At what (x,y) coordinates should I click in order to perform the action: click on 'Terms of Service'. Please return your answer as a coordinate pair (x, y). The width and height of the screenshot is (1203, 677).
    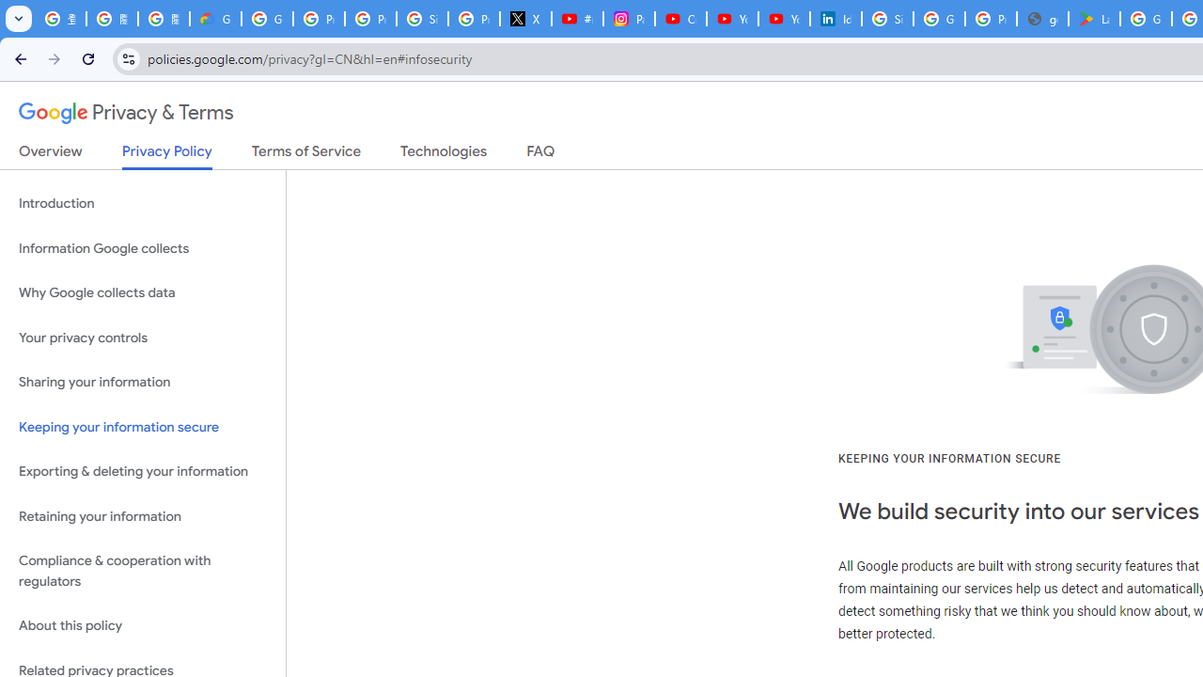
    Looking at the image, I should click on (306, 154).